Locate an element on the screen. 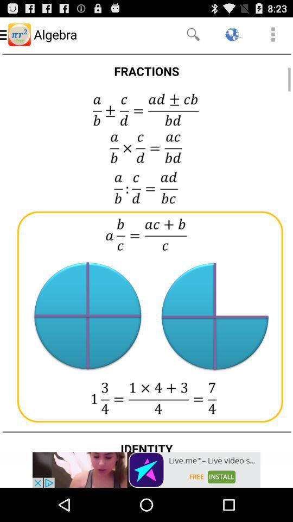 This screenshot has width=293, height=522. advertisement is located at coordinates (146, 469).